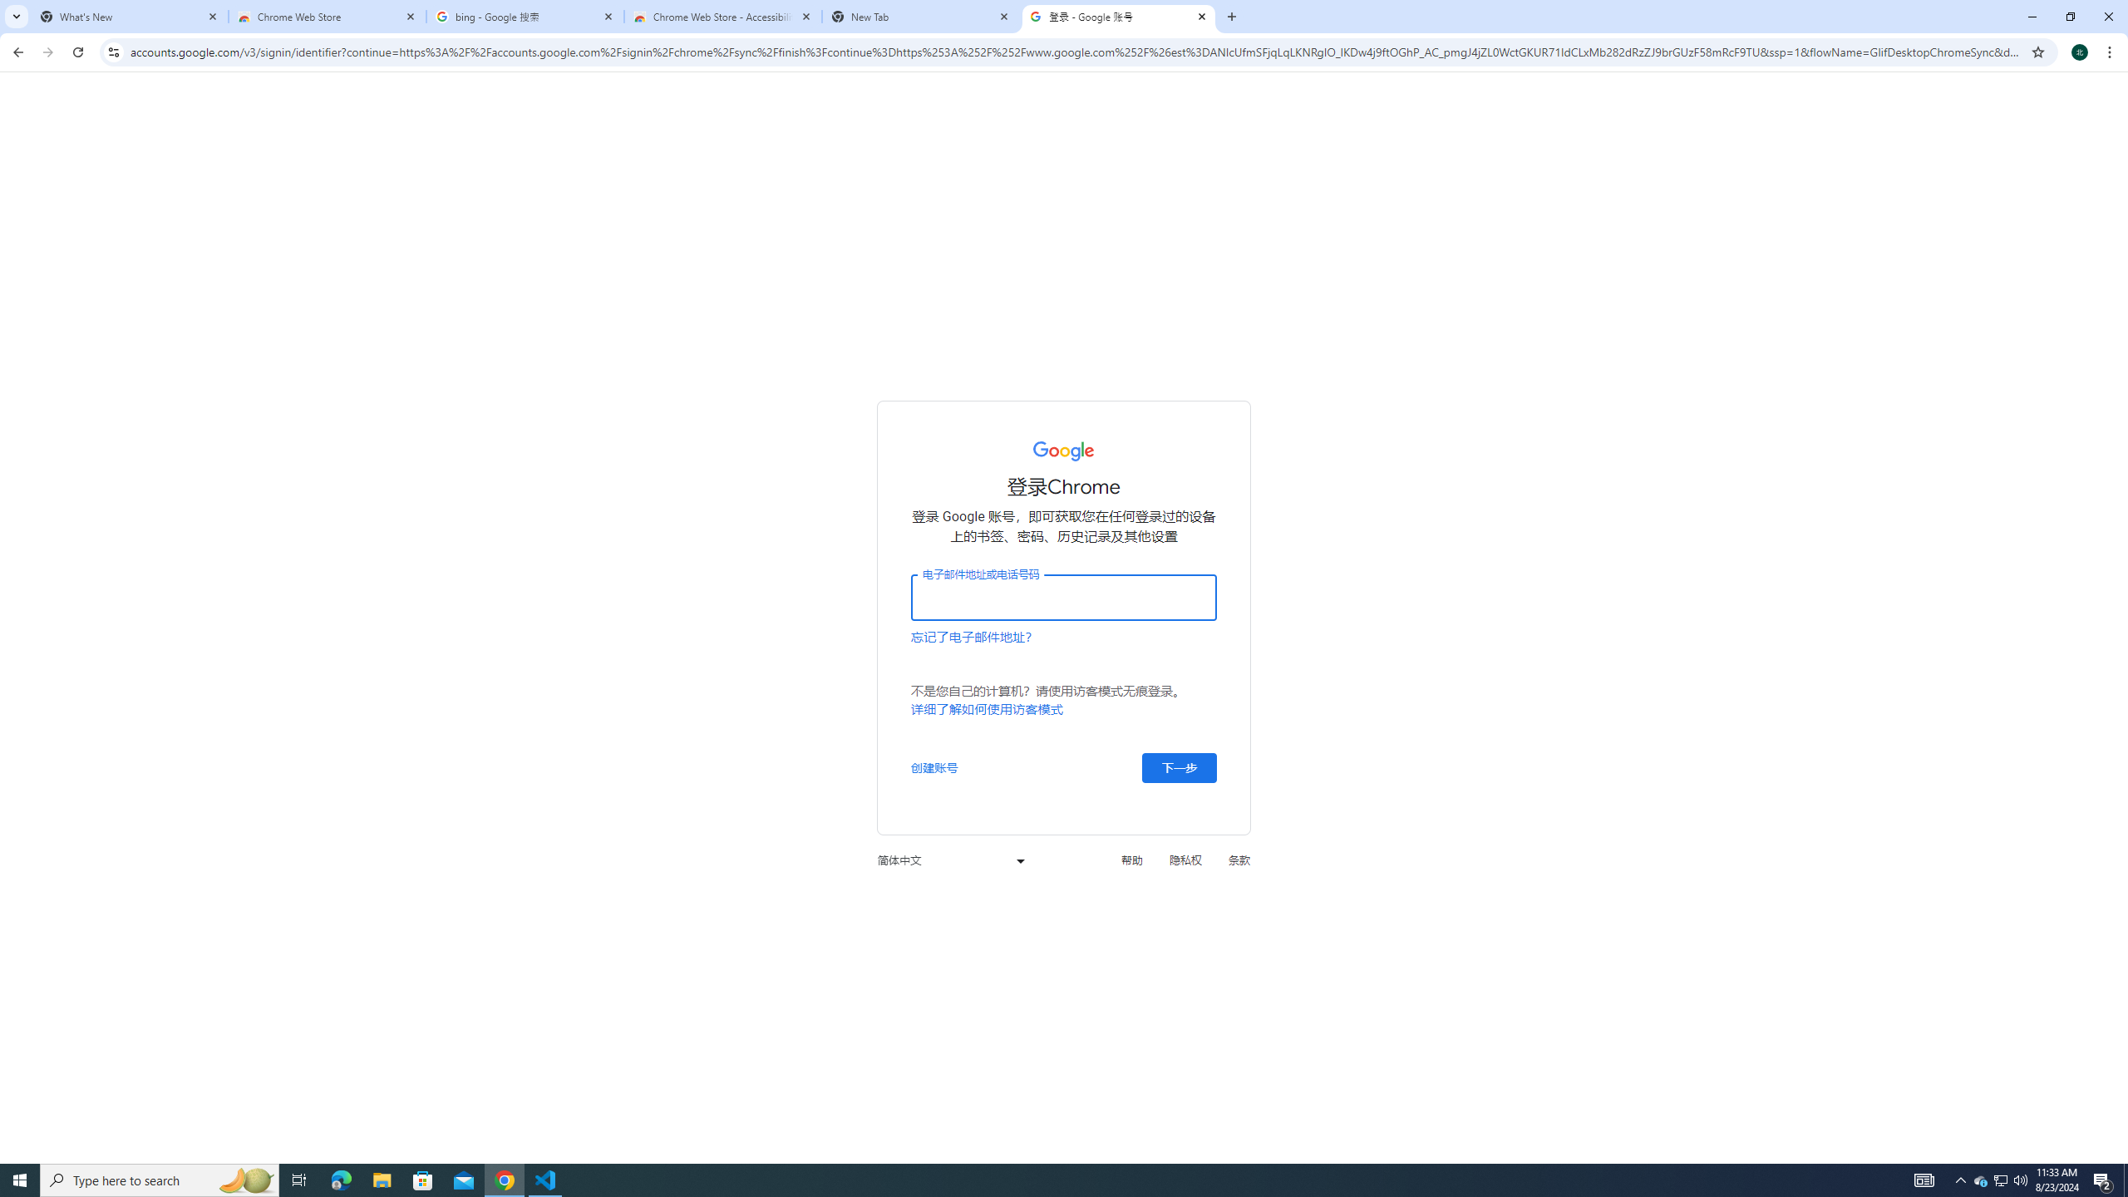 The image size is (2128, 1197). What do you see at coordinates (129, 16) in the screenshot?
I see `'What'` at bounding box center [129, 16].